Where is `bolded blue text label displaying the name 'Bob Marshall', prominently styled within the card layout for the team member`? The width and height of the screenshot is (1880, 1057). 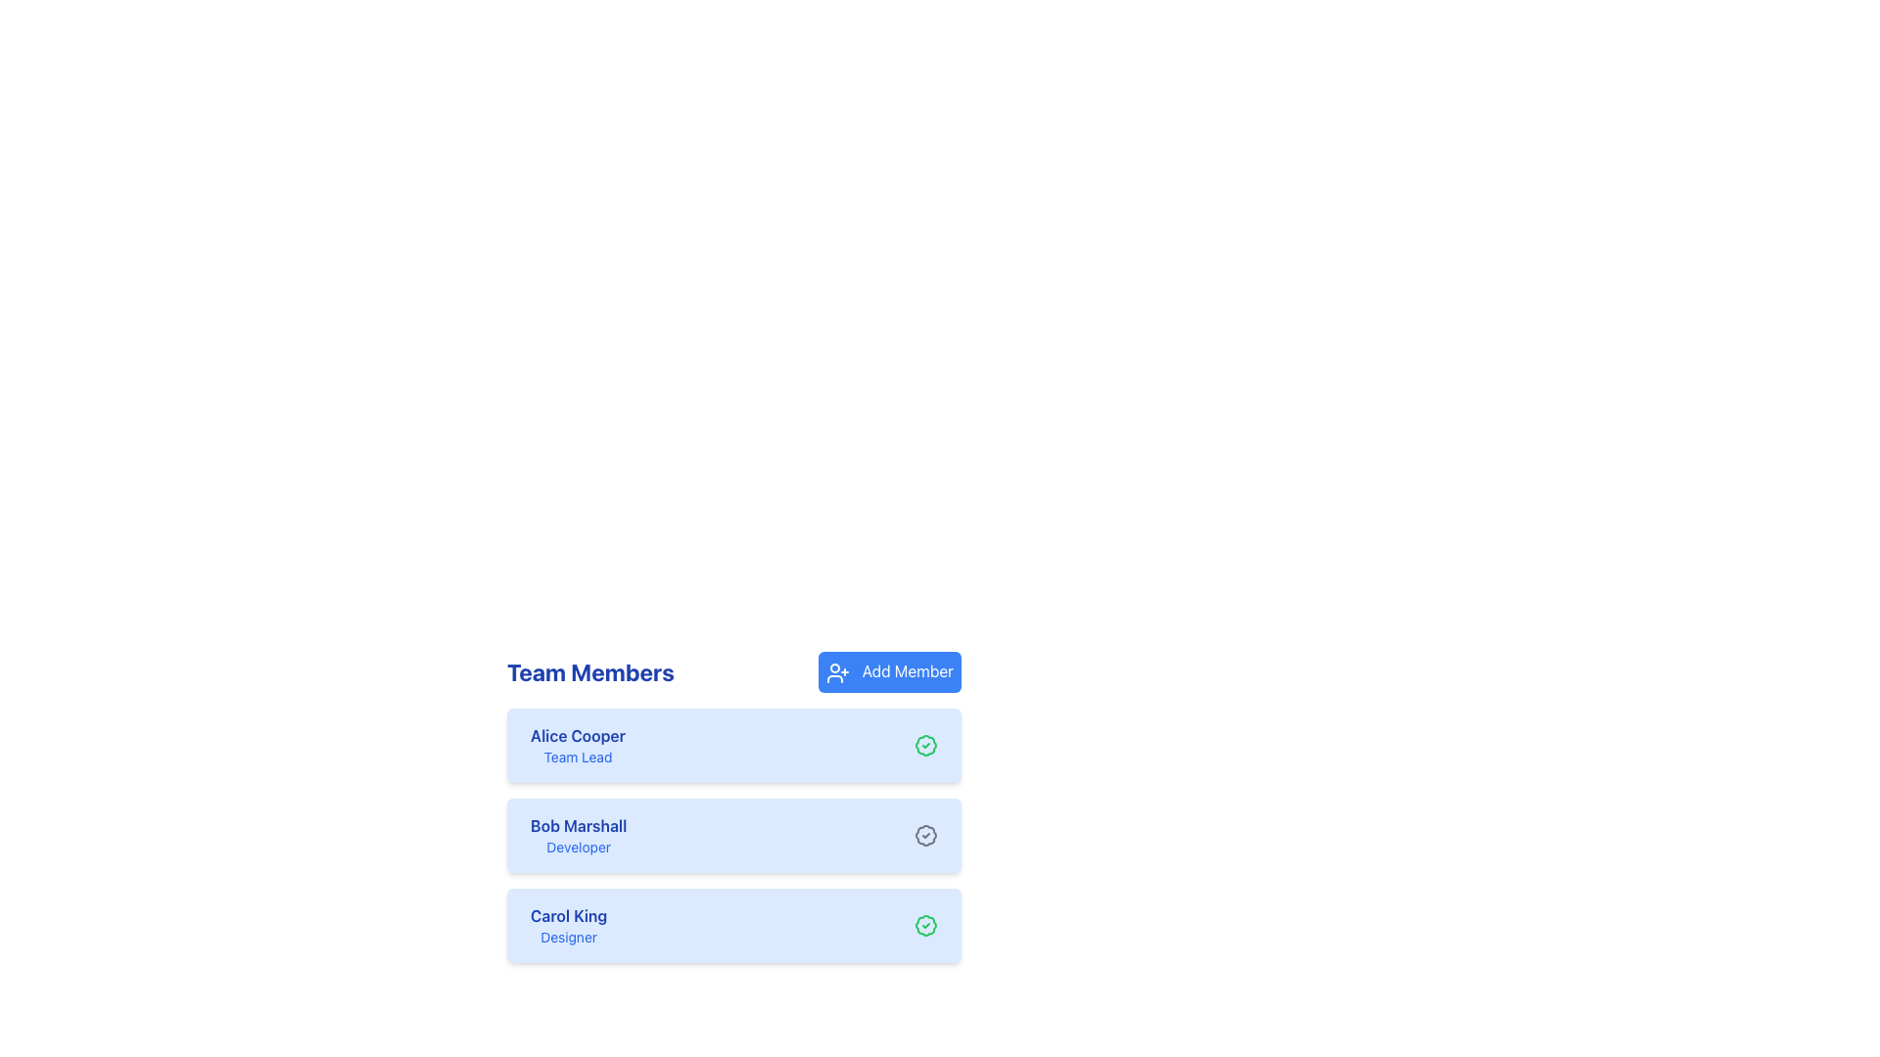
bolded blue text label displaying the name 'Bob Marshall', prominently styled within the card layout for the team member is located at coordinates (578, 825).